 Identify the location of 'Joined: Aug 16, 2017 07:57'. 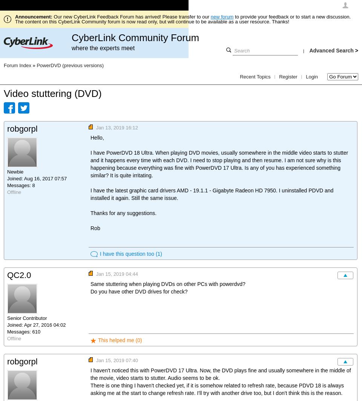
(37, 178).